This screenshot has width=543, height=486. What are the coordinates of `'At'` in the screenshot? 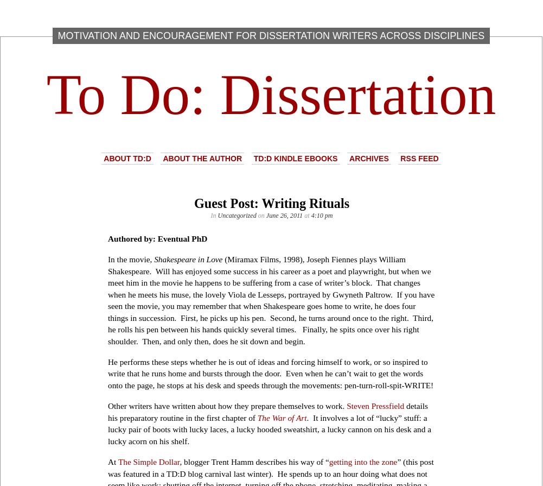 It's located at (107, 461).